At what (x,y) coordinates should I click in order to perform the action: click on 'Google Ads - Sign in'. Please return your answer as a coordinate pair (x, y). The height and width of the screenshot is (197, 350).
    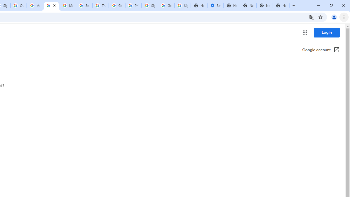
    Looking at the image, I should click on (117, 5).